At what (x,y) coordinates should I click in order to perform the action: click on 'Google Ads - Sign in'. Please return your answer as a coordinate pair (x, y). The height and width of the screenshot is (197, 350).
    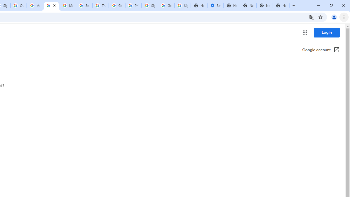
    Looking at the image, I should click on (117, 5).